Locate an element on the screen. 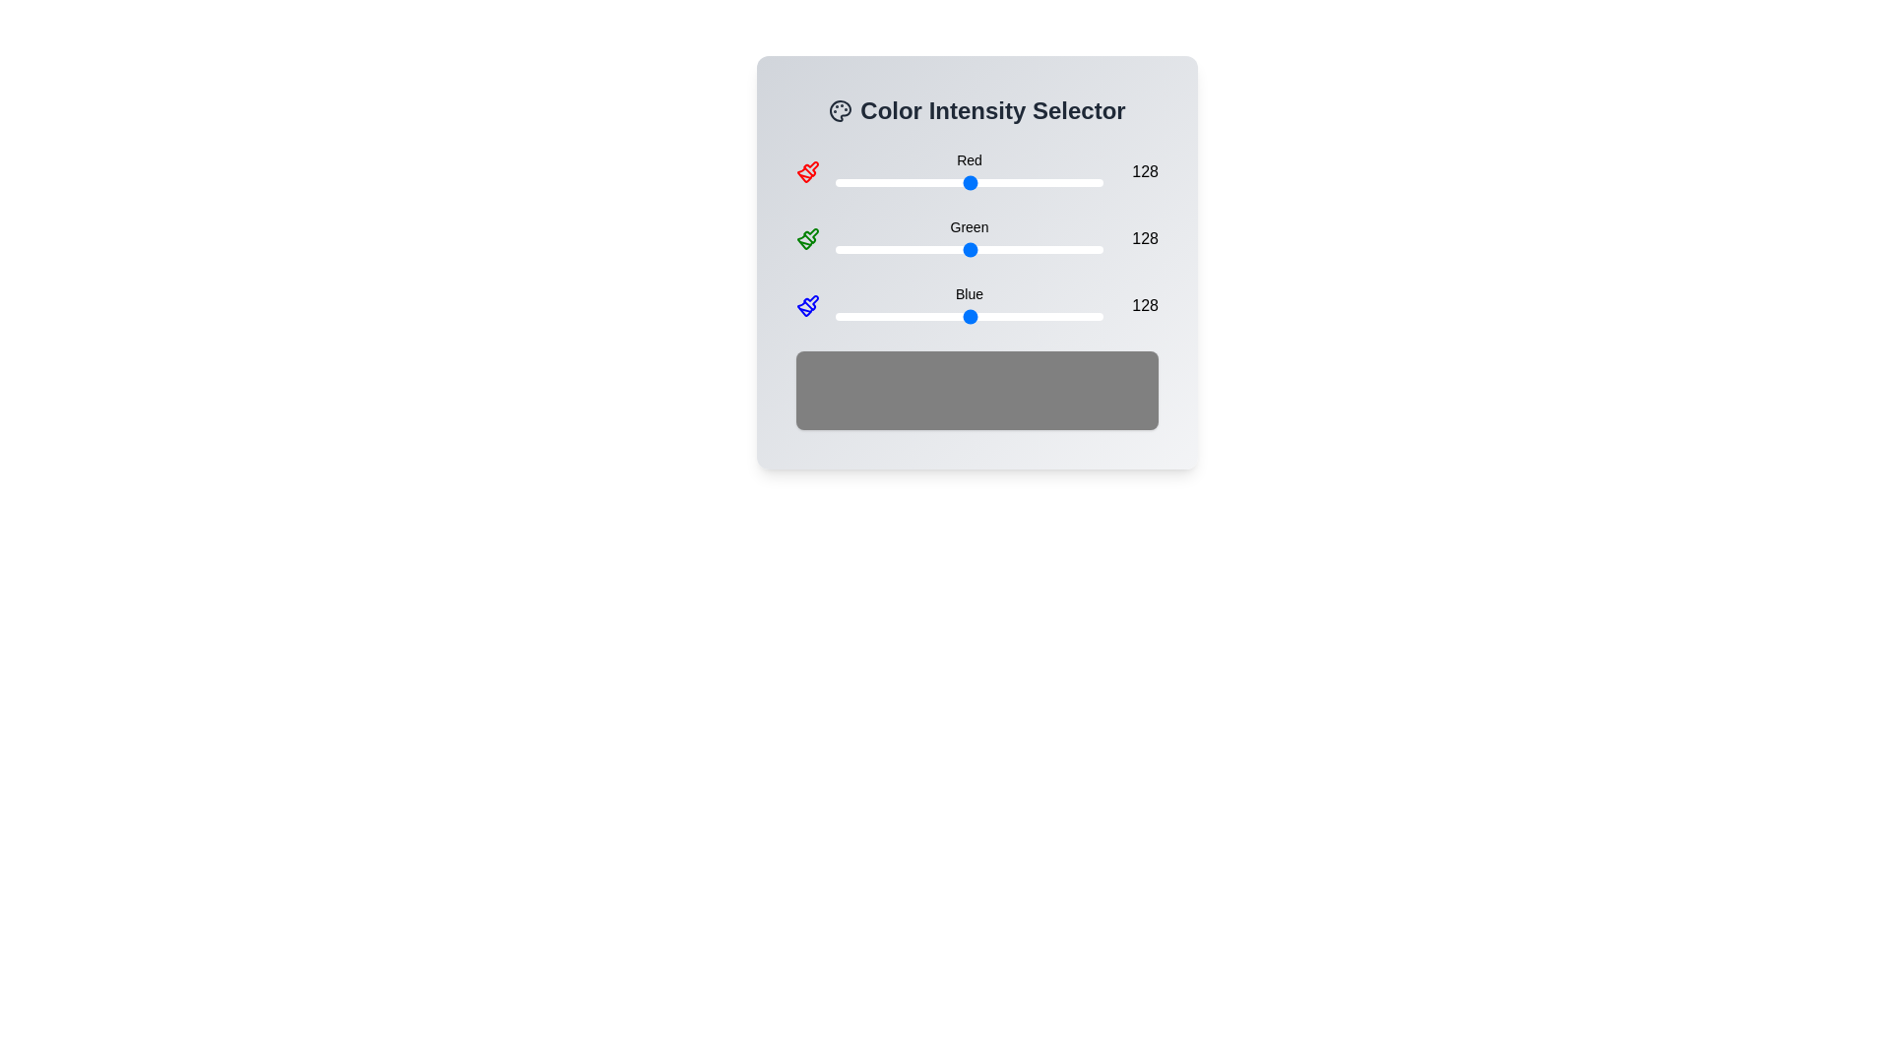 This screenshot has height=1063, width=1890. green intensity is located at coordinates (880, 249).